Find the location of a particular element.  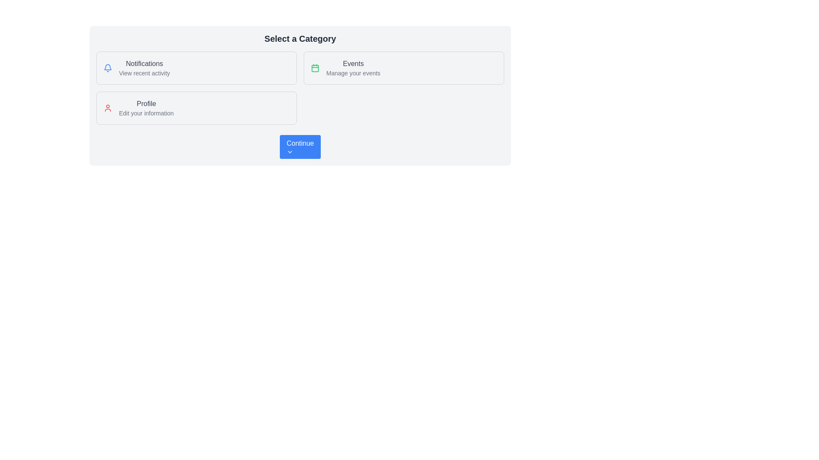

the notifications button located in the top-left corner of the grid layout is located at coordinates (196, 67).